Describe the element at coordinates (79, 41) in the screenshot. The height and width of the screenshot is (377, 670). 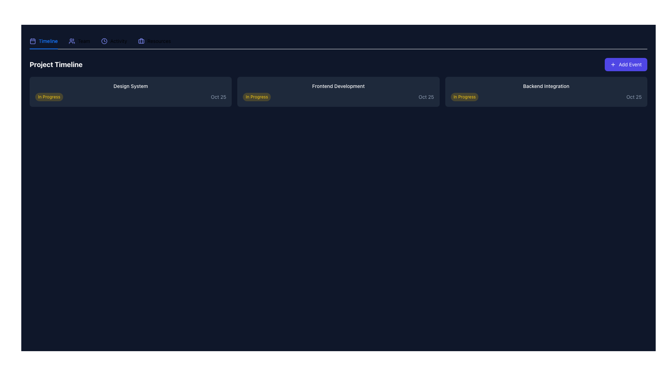
I see `the 'Team' tab in the navigation bar` at that location.